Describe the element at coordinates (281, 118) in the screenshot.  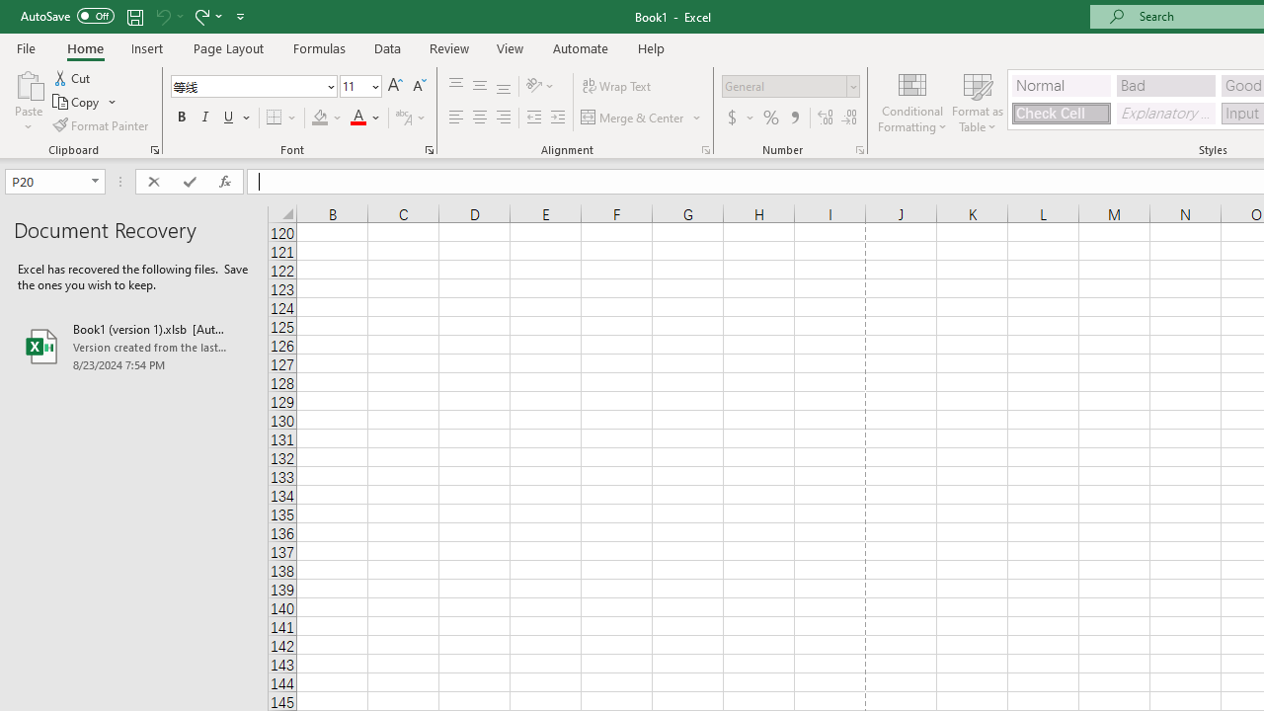
I see `'Borders'` at that location.